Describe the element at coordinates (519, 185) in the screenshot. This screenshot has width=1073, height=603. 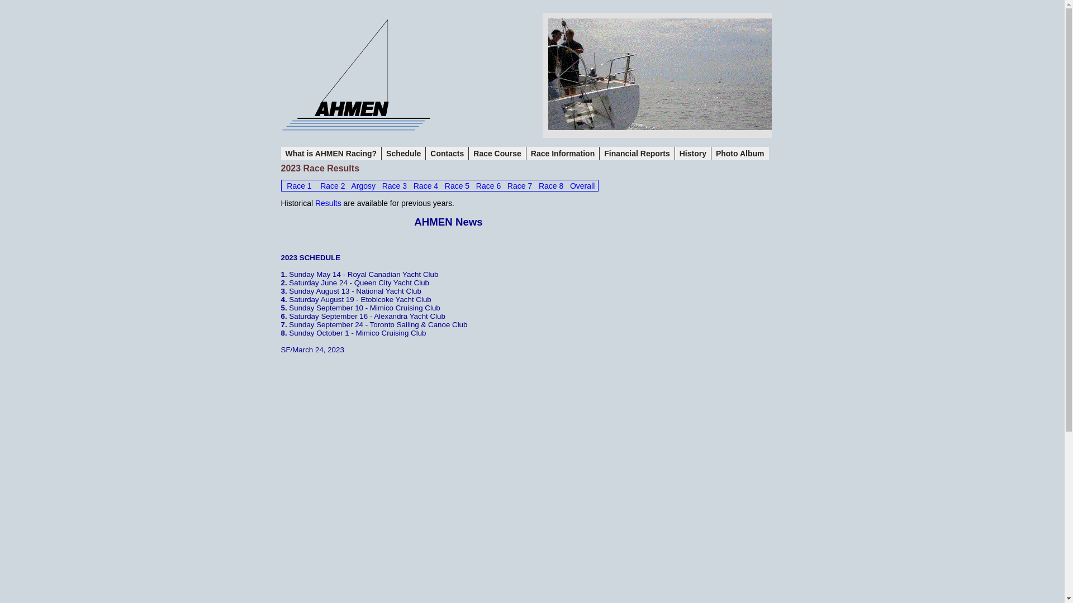
I see `'Race 7'` at that location.